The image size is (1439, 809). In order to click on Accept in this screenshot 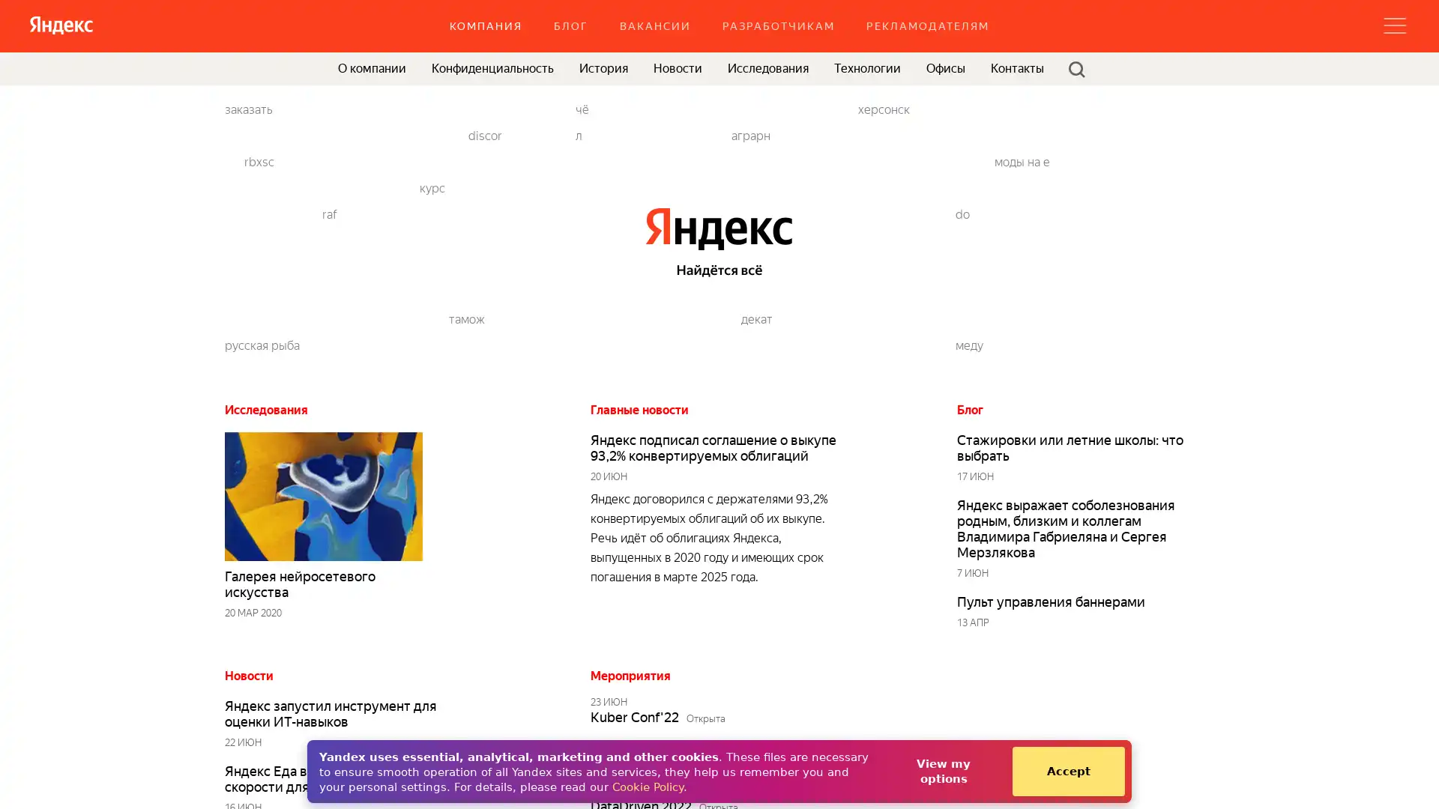, I will do `click(1067, 771)`.